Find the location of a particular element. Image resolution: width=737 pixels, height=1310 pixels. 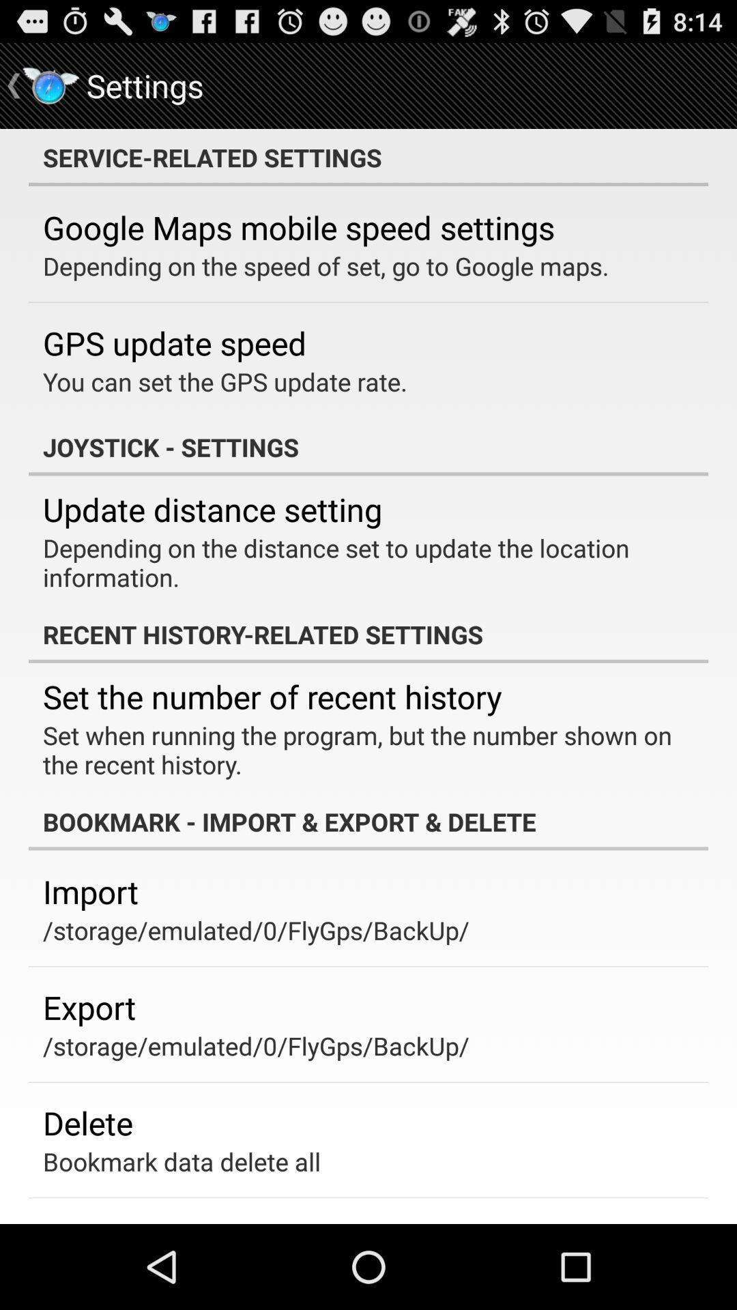

the item below set the number is located at coordinates (358, 749).